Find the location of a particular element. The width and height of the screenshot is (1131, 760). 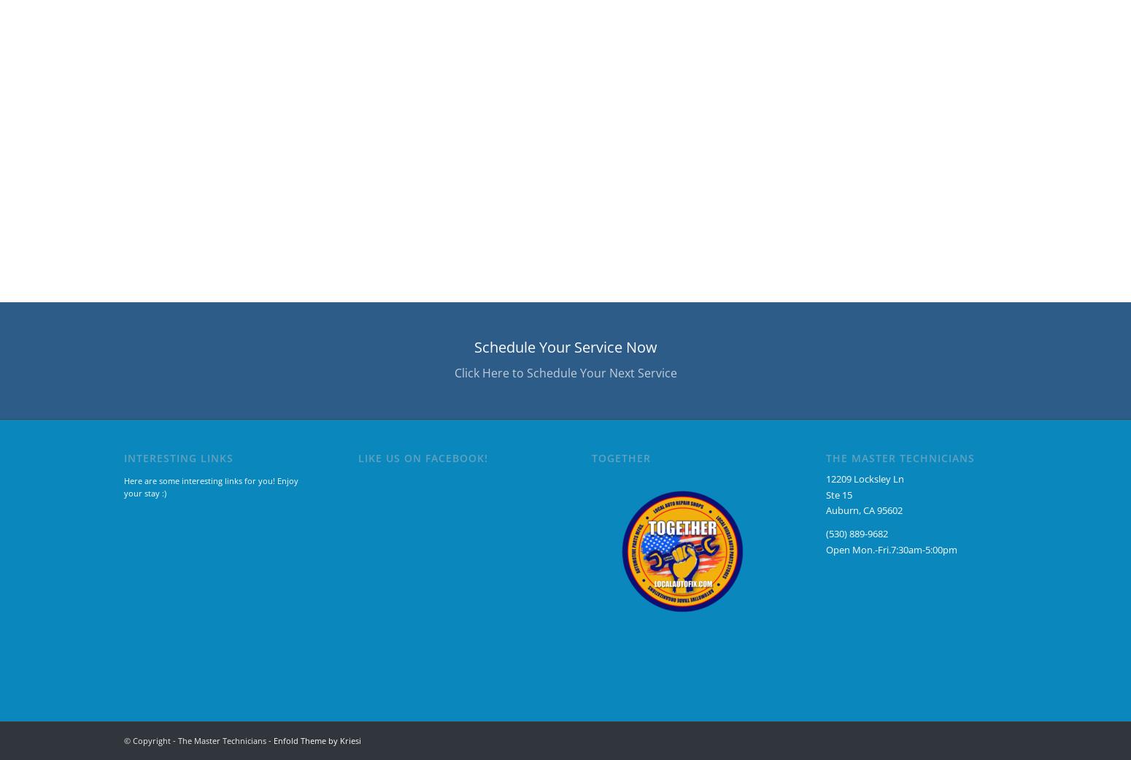

'Ste 15' is located at coordinates (838, 493).